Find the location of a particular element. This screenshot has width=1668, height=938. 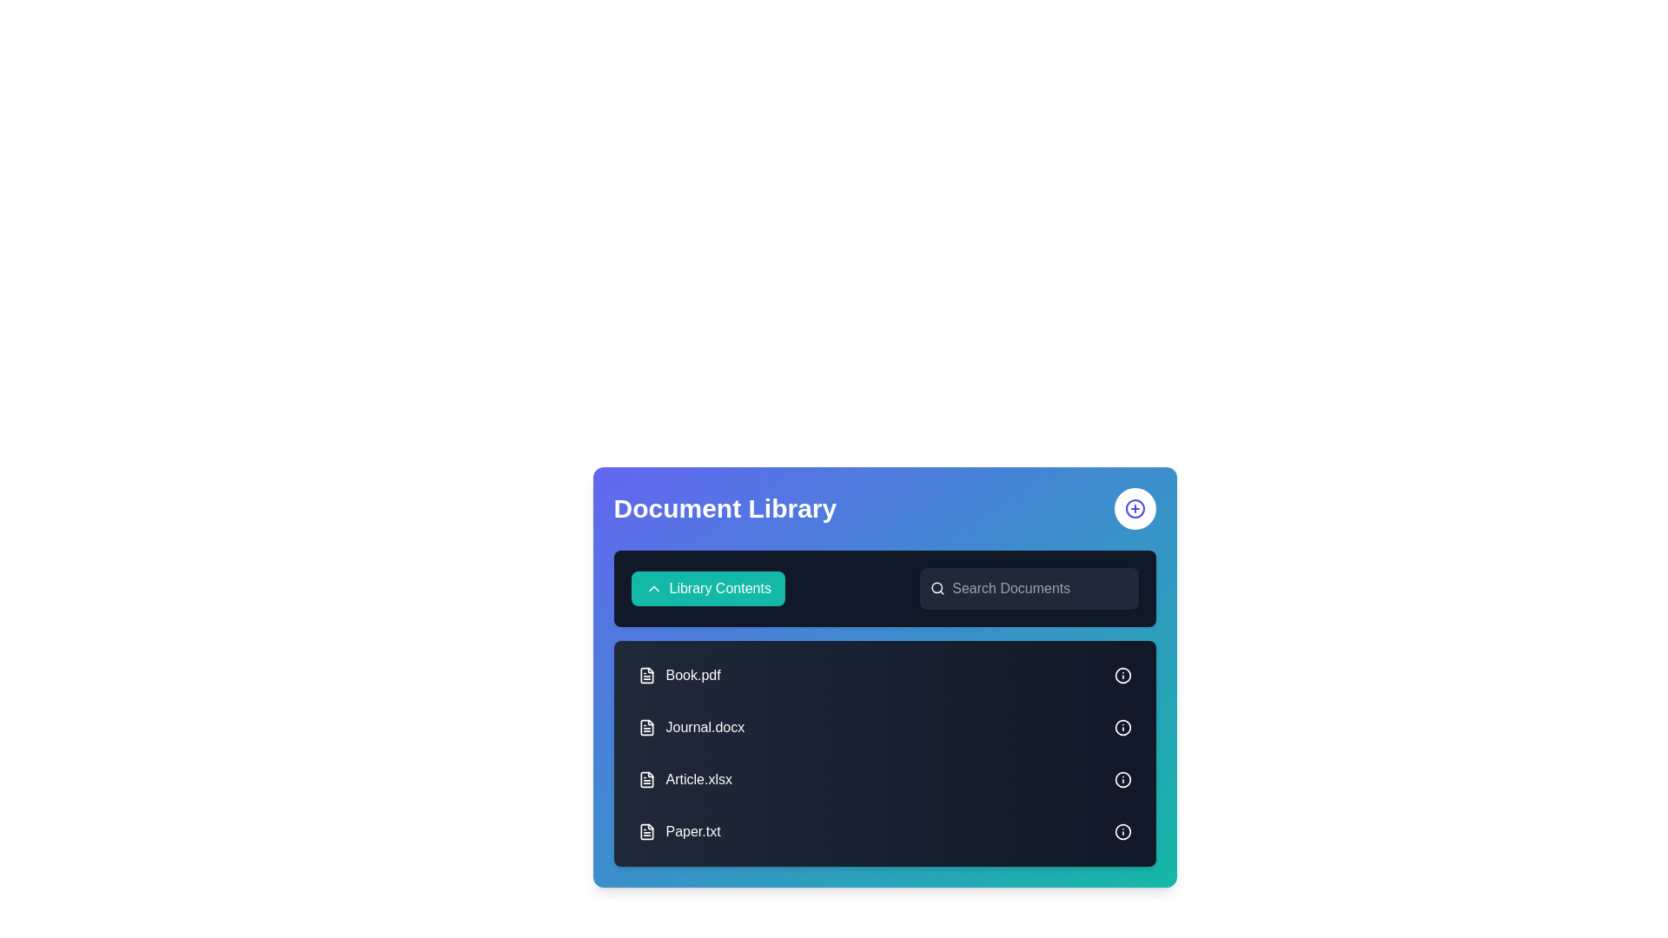

the information icon located to the far right of the 'Book.pdf' entry in the document list is located at coordinates (1122, 675).